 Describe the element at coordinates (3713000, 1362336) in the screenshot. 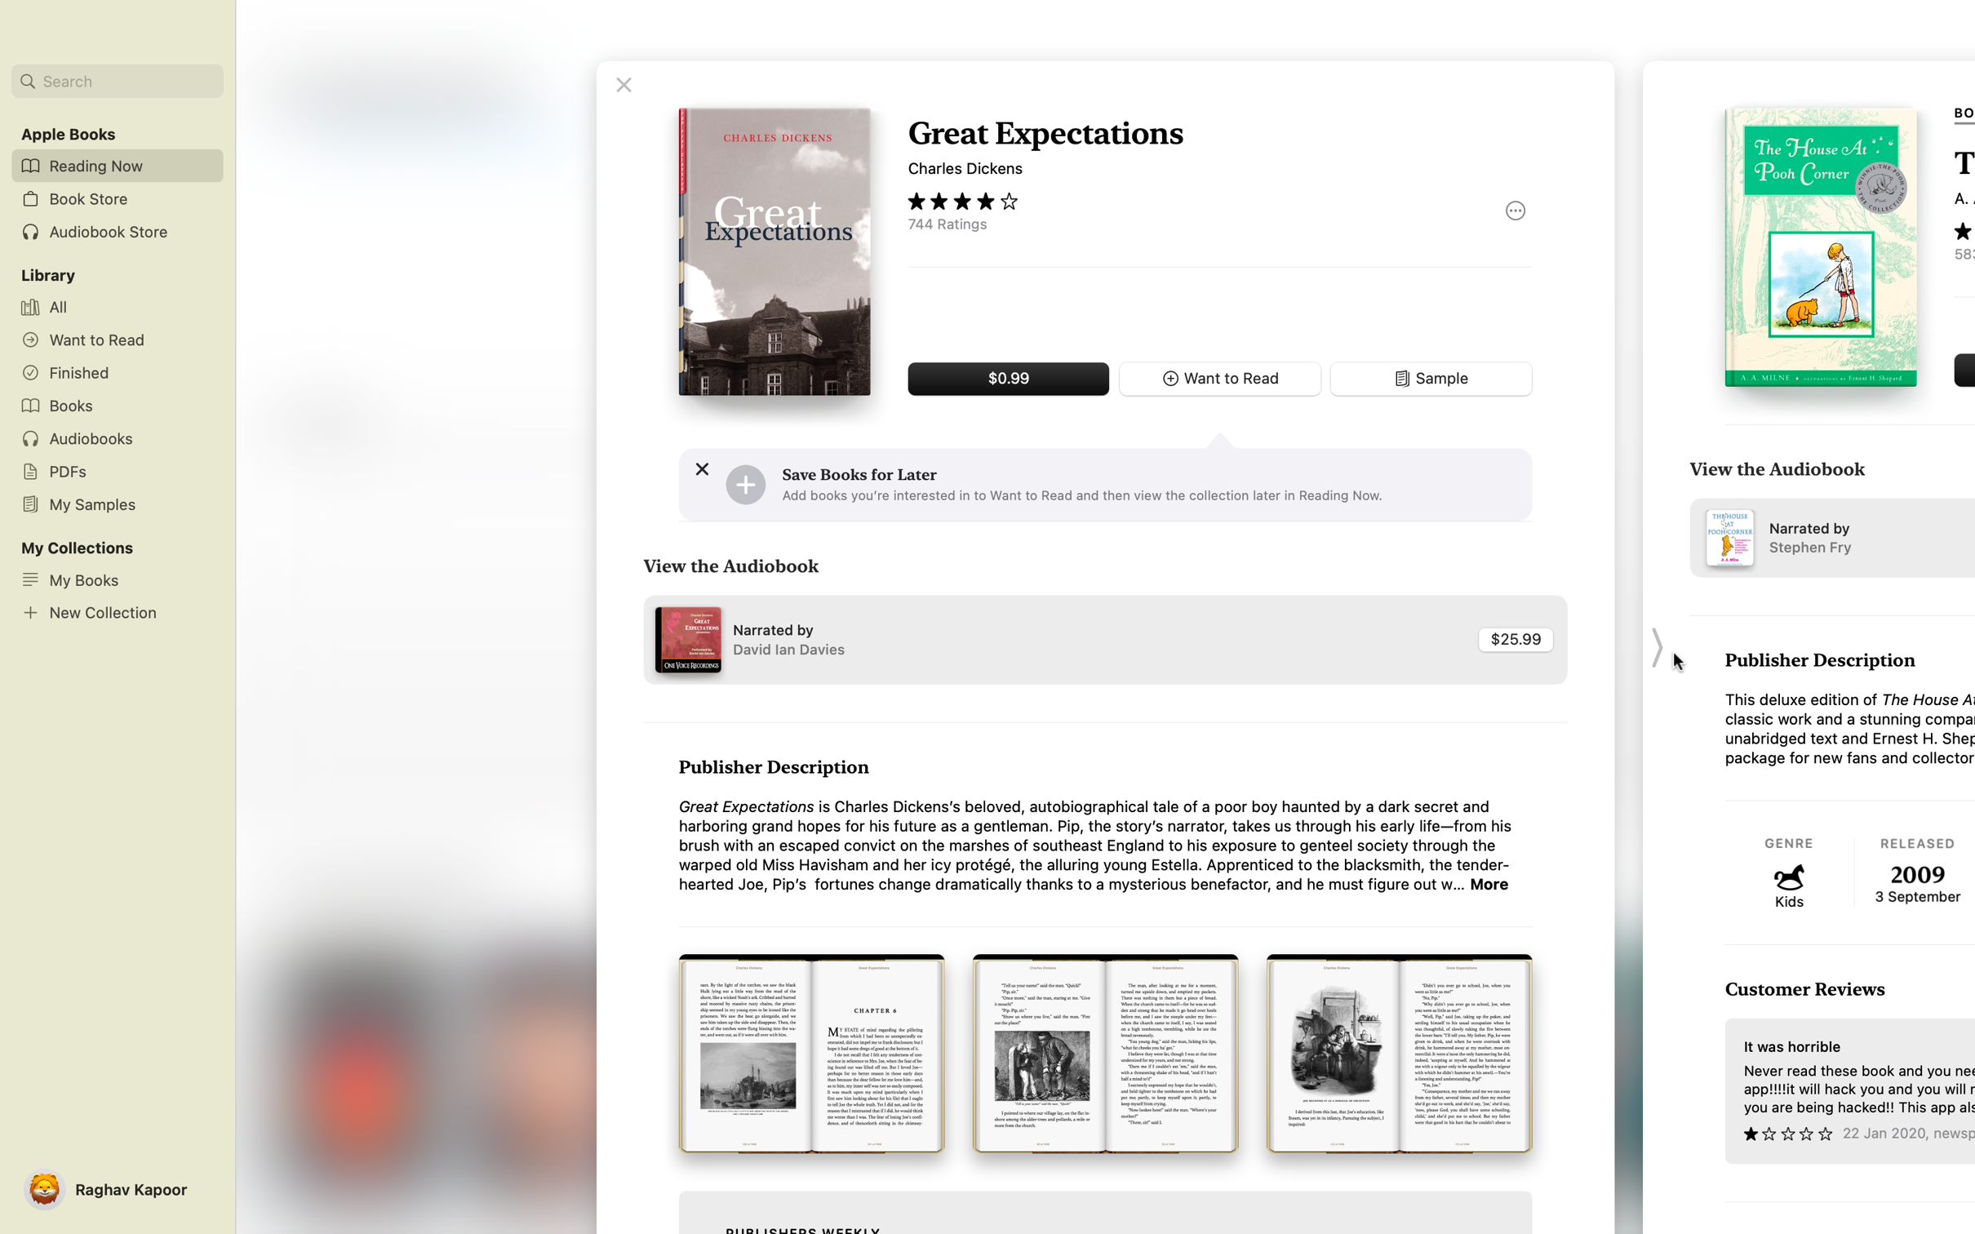

I see `Scroll down to read the author"s bio` at that location.